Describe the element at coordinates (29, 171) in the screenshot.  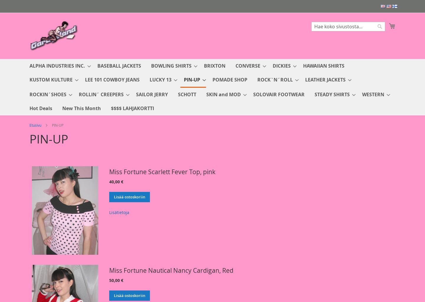
I see `'Tuotteet'` at that location.